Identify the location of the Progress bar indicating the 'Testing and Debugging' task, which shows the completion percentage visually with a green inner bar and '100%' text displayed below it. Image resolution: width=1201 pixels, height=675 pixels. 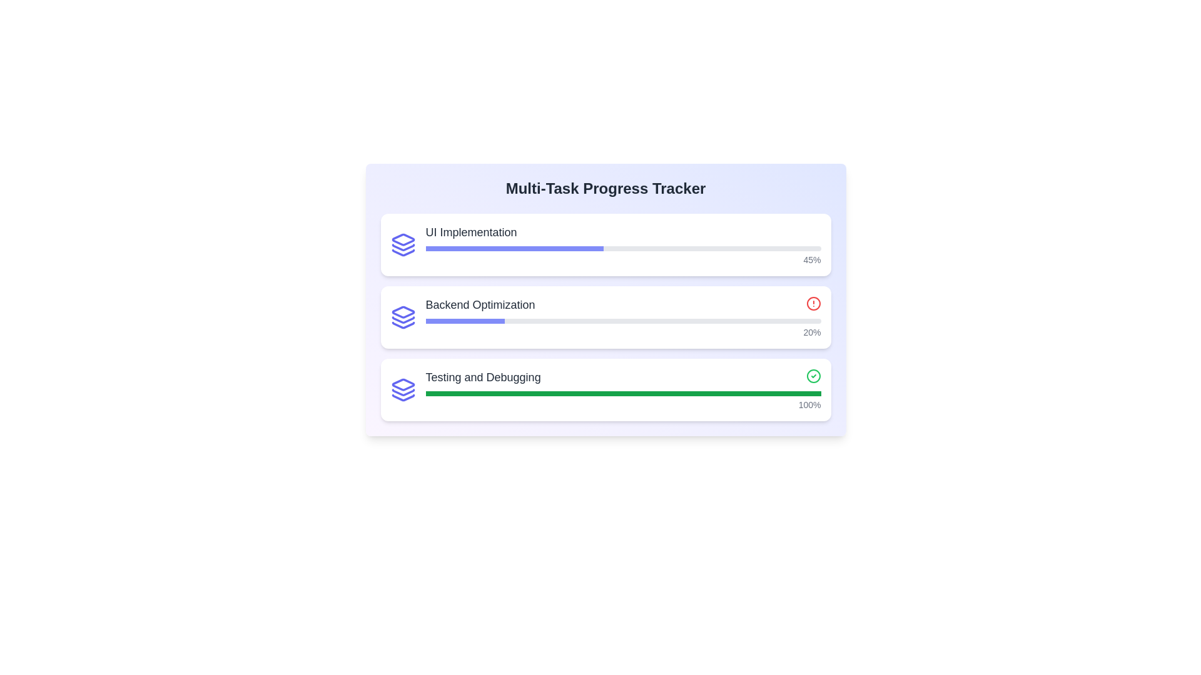
(623, 392).